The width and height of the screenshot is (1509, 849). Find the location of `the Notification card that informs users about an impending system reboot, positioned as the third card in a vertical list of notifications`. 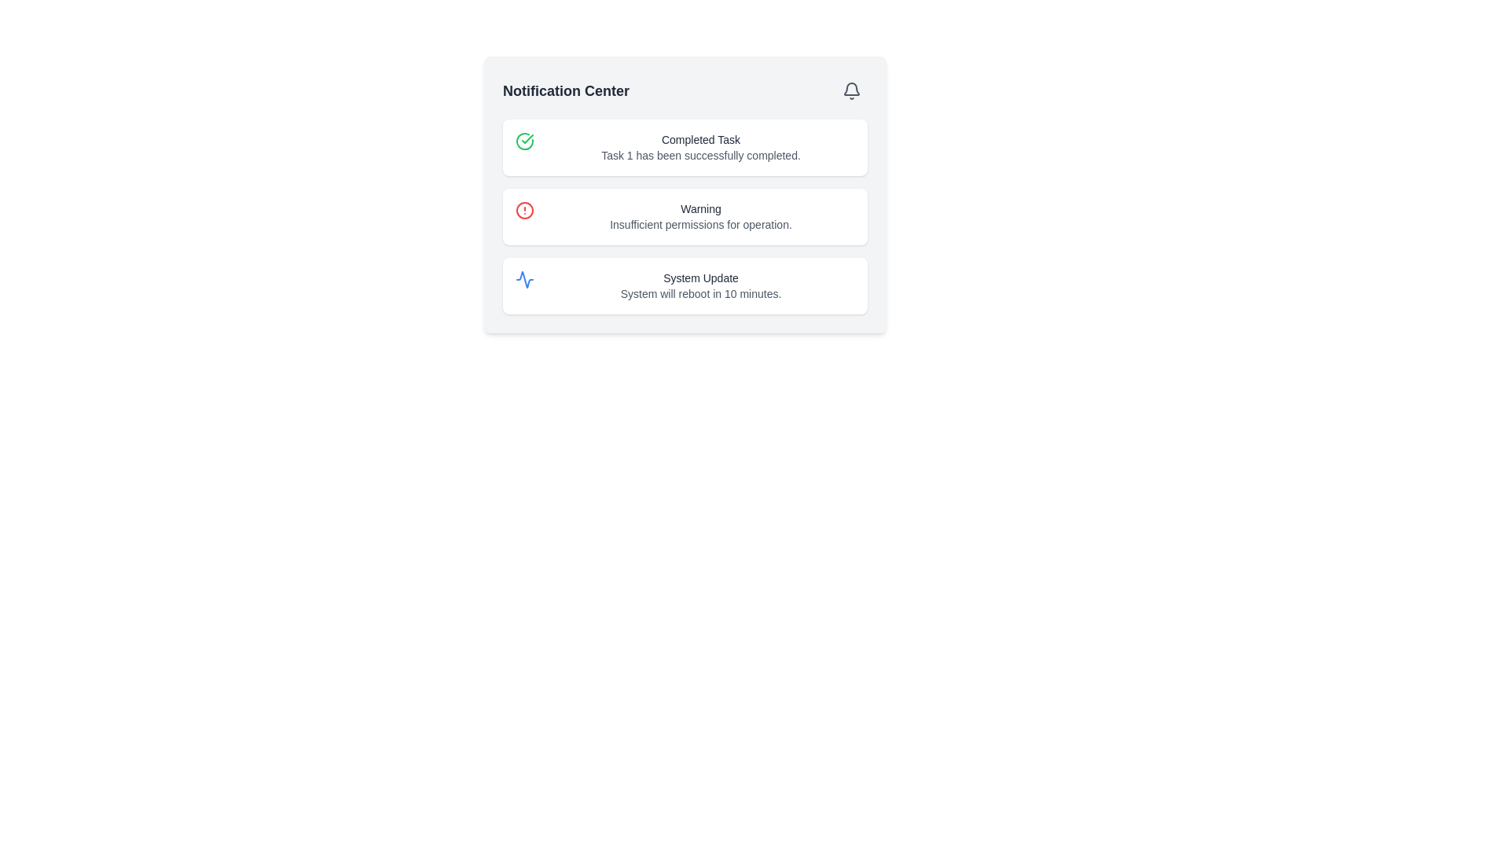

the Notification card that informs users about an impending system reboot, positioned as the third card in a vertical list of notifications is located at coordinates (685, 285).